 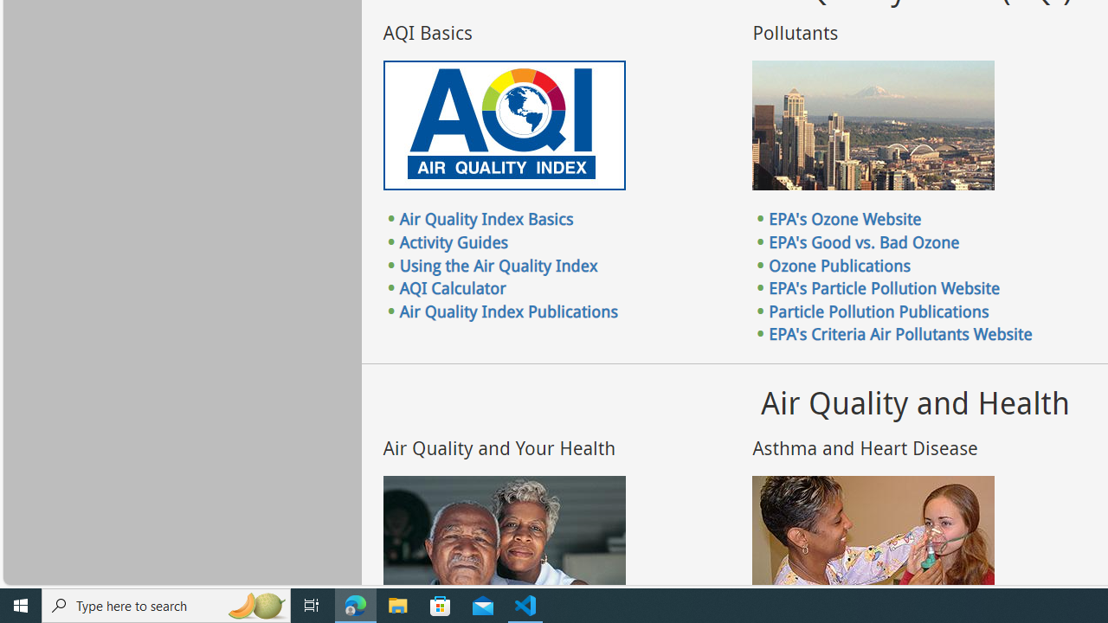 I want to click on 'Air Quality Index Publications', so click(x=507, y=310).